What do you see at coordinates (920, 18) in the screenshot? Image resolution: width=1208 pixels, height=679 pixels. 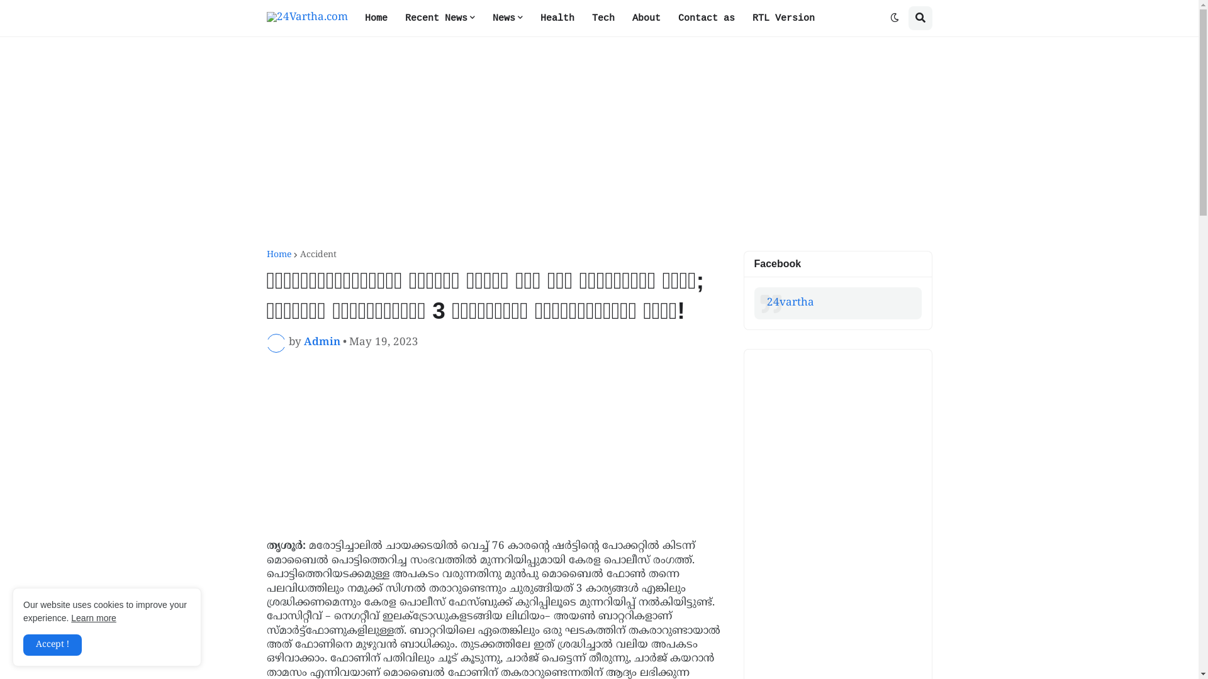 I see `'Search'` at bounding box center [920, 18].